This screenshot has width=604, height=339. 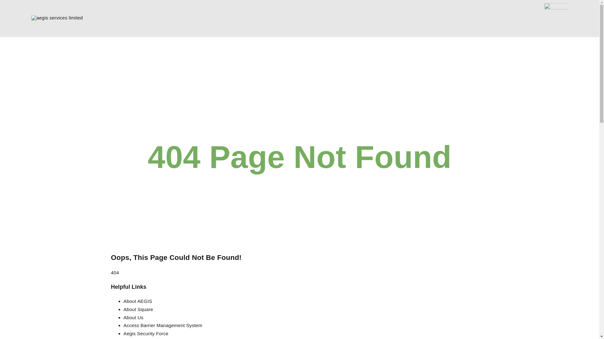 I want to click on 'About AEGIS', so click(x=137, y=301).